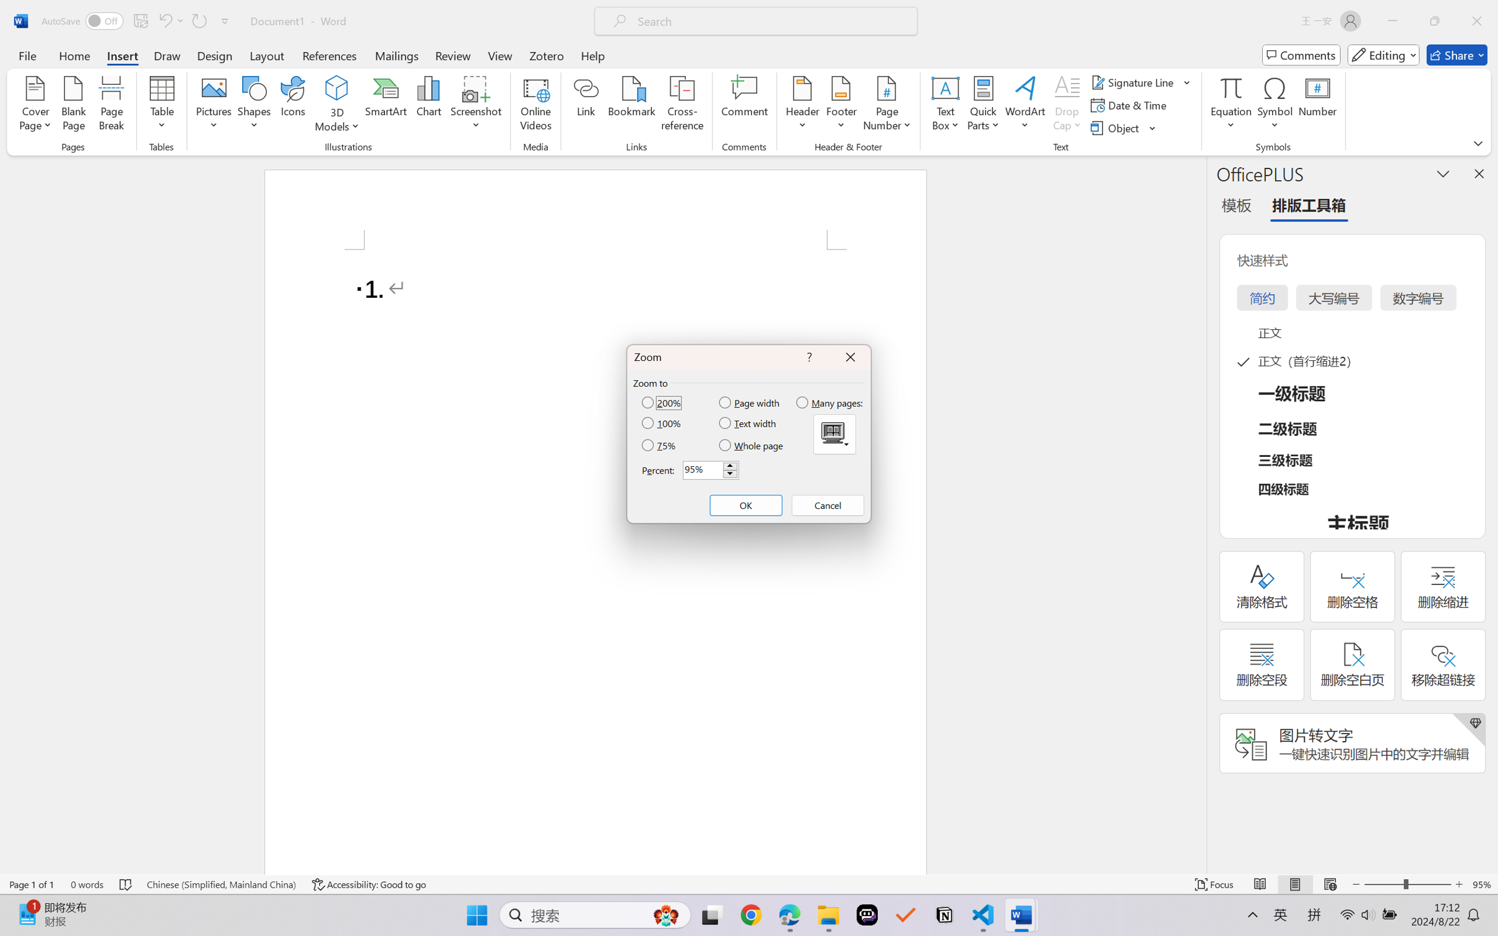 The width and height of the screenshot is (1498, 936). Describe the element at coordinates (744, 105) in the screenshot. I see `'Comment'` at that location.